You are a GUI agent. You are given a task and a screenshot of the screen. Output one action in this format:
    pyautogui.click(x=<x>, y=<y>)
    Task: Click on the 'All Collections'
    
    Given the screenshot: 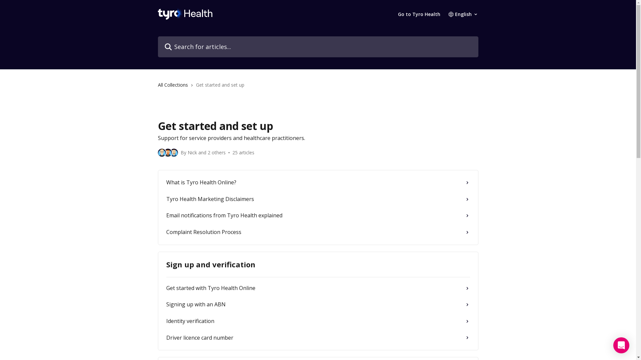 What is the action you would take?
    pyautogui.click(x=174, y=84)
    